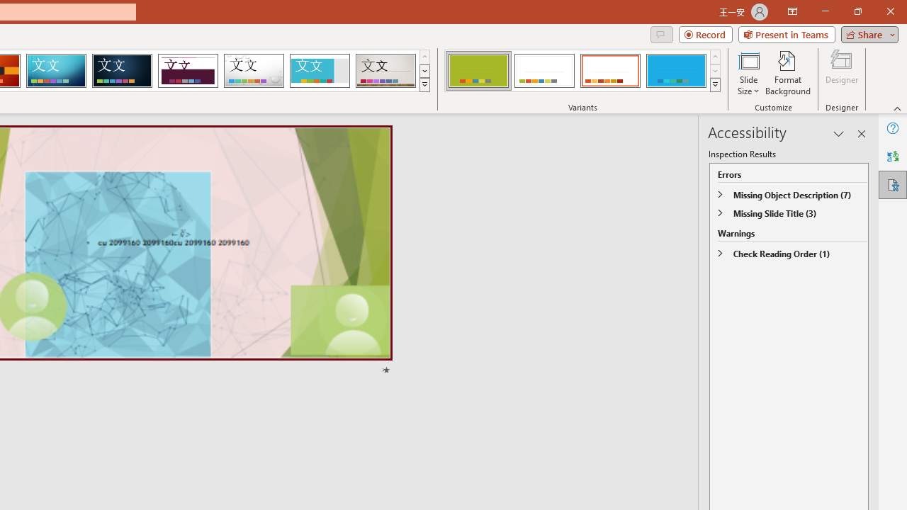 This screenshot has width=907, height=510. Describe the element at coordinates (385, 71) in the screenshot. I see `'Gallery'` at that location.